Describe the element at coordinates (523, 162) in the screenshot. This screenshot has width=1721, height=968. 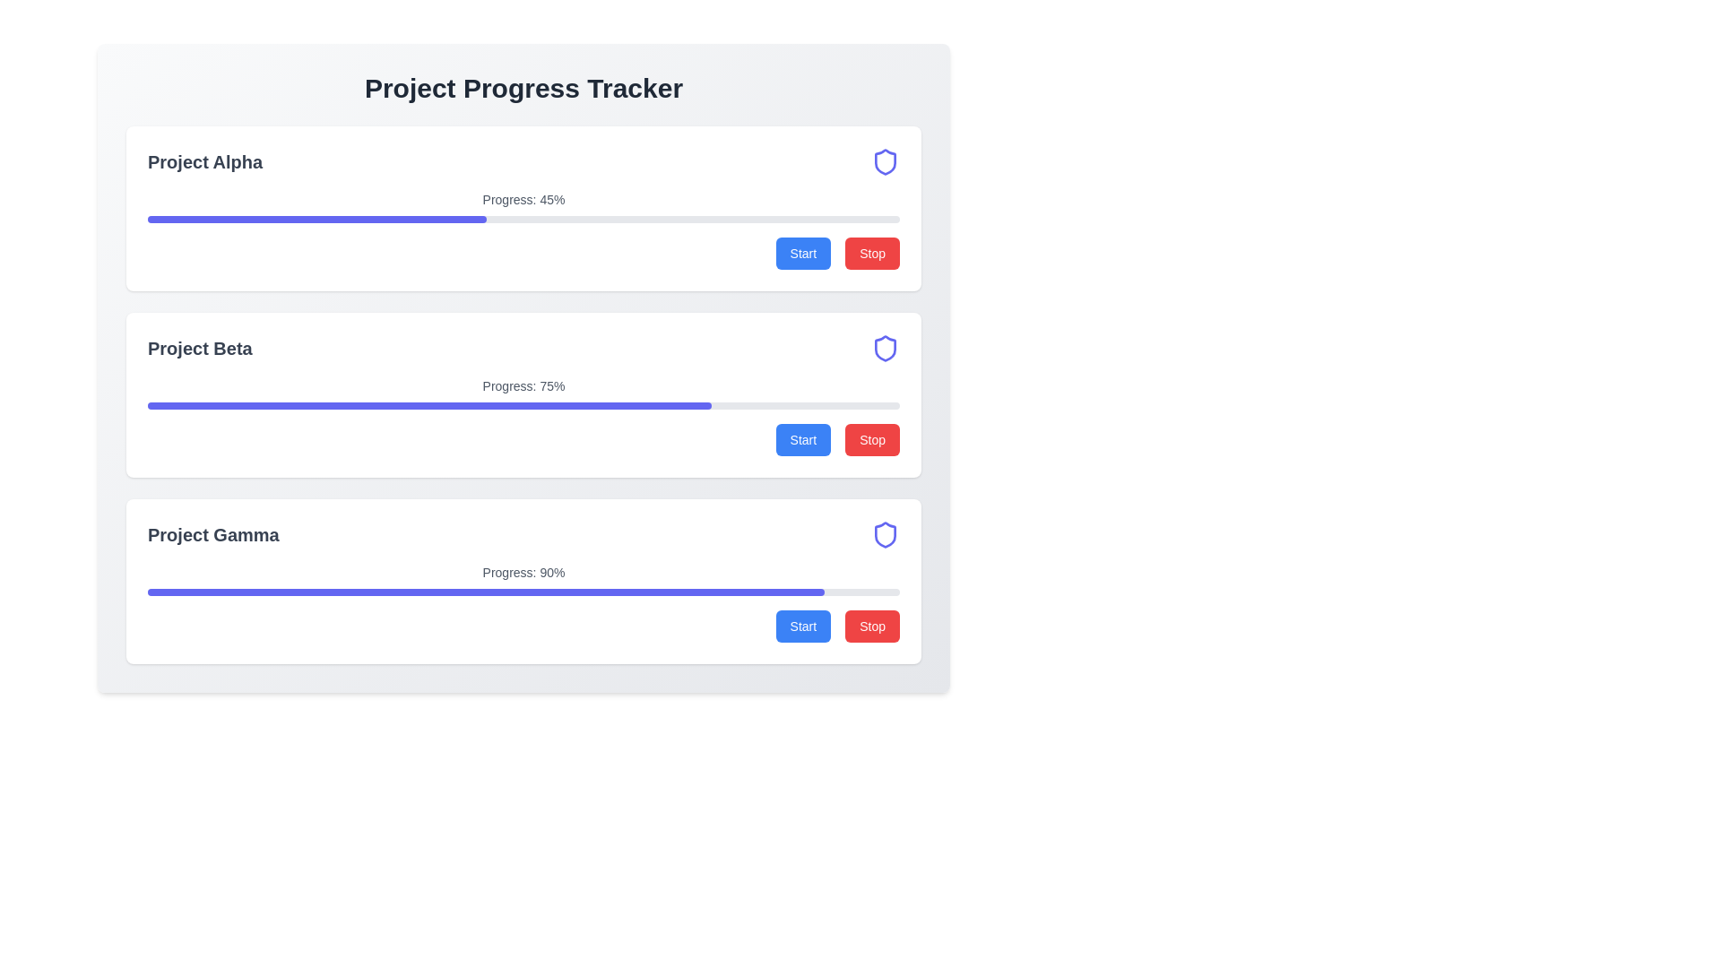
I see `the Section header element that serves as a title or label for associated project details by navigating through tab navigation` at that location.